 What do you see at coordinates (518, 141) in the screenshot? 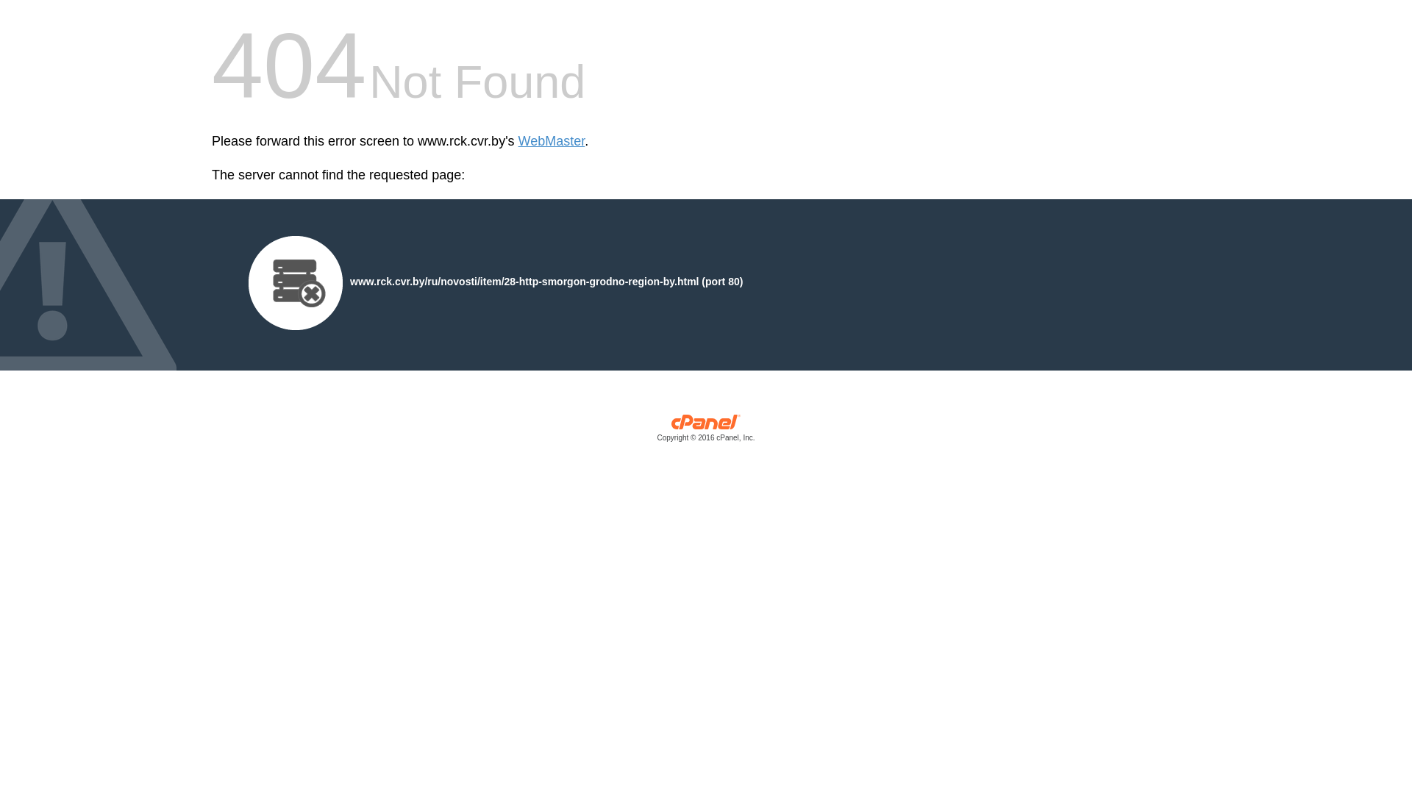
I see `'WebMaster'` at bounding box center [518, 141].